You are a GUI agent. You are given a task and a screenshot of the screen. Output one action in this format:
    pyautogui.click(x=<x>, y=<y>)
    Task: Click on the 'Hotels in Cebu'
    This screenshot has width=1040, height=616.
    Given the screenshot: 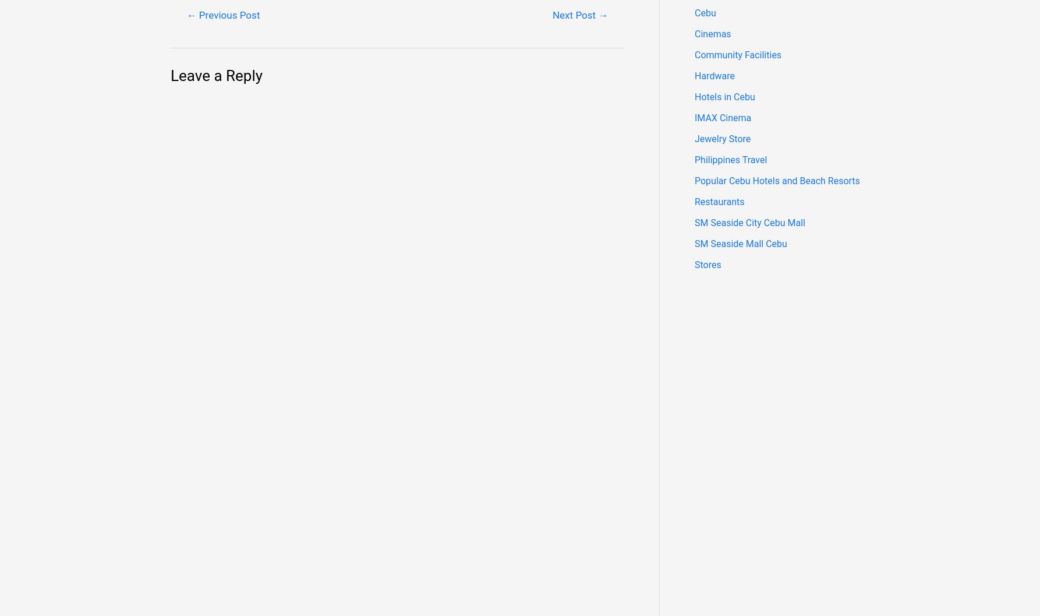 What is the action you would take?
    pyautogui.click(x=724, y=97)
    